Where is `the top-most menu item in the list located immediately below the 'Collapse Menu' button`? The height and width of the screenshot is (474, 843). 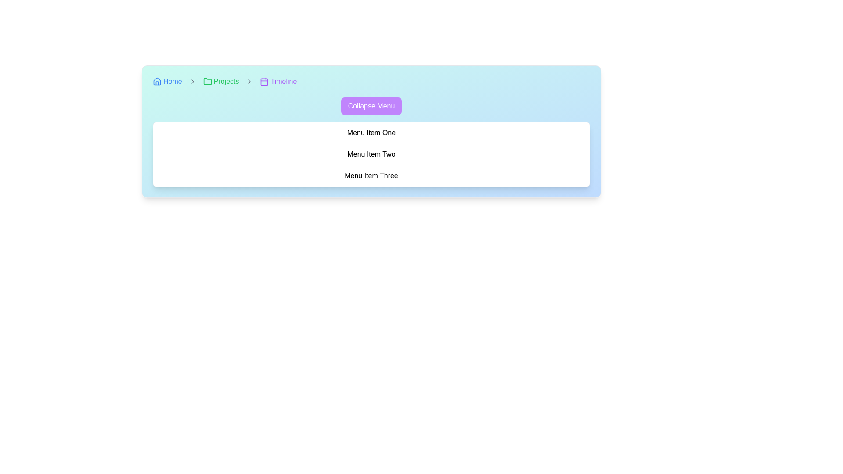
the top-most menu item in the list located immediately below the 'Collapse Menu' button is located at coordinates (371, 133).